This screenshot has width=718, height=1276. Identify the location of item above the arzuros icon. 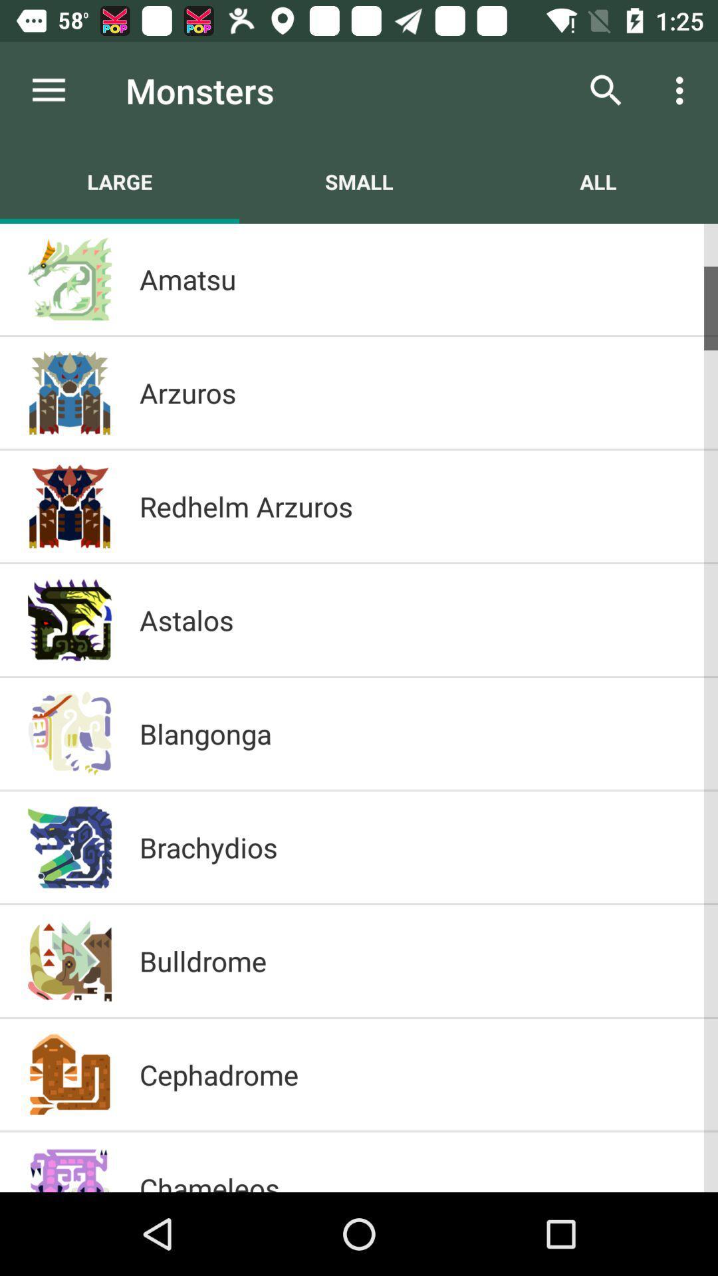
(414, 278).